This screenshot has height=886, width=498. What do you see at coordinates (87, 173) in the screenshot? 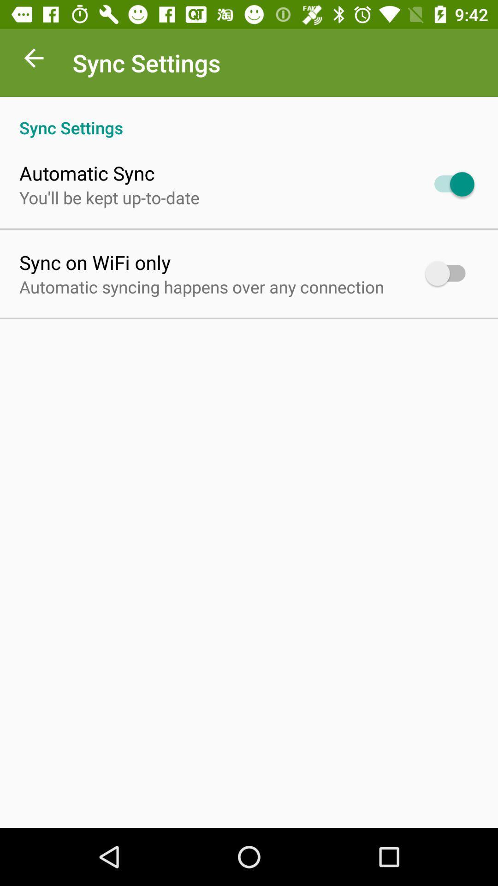
I see `the automatic sync app` at bounding box center [87, 173].